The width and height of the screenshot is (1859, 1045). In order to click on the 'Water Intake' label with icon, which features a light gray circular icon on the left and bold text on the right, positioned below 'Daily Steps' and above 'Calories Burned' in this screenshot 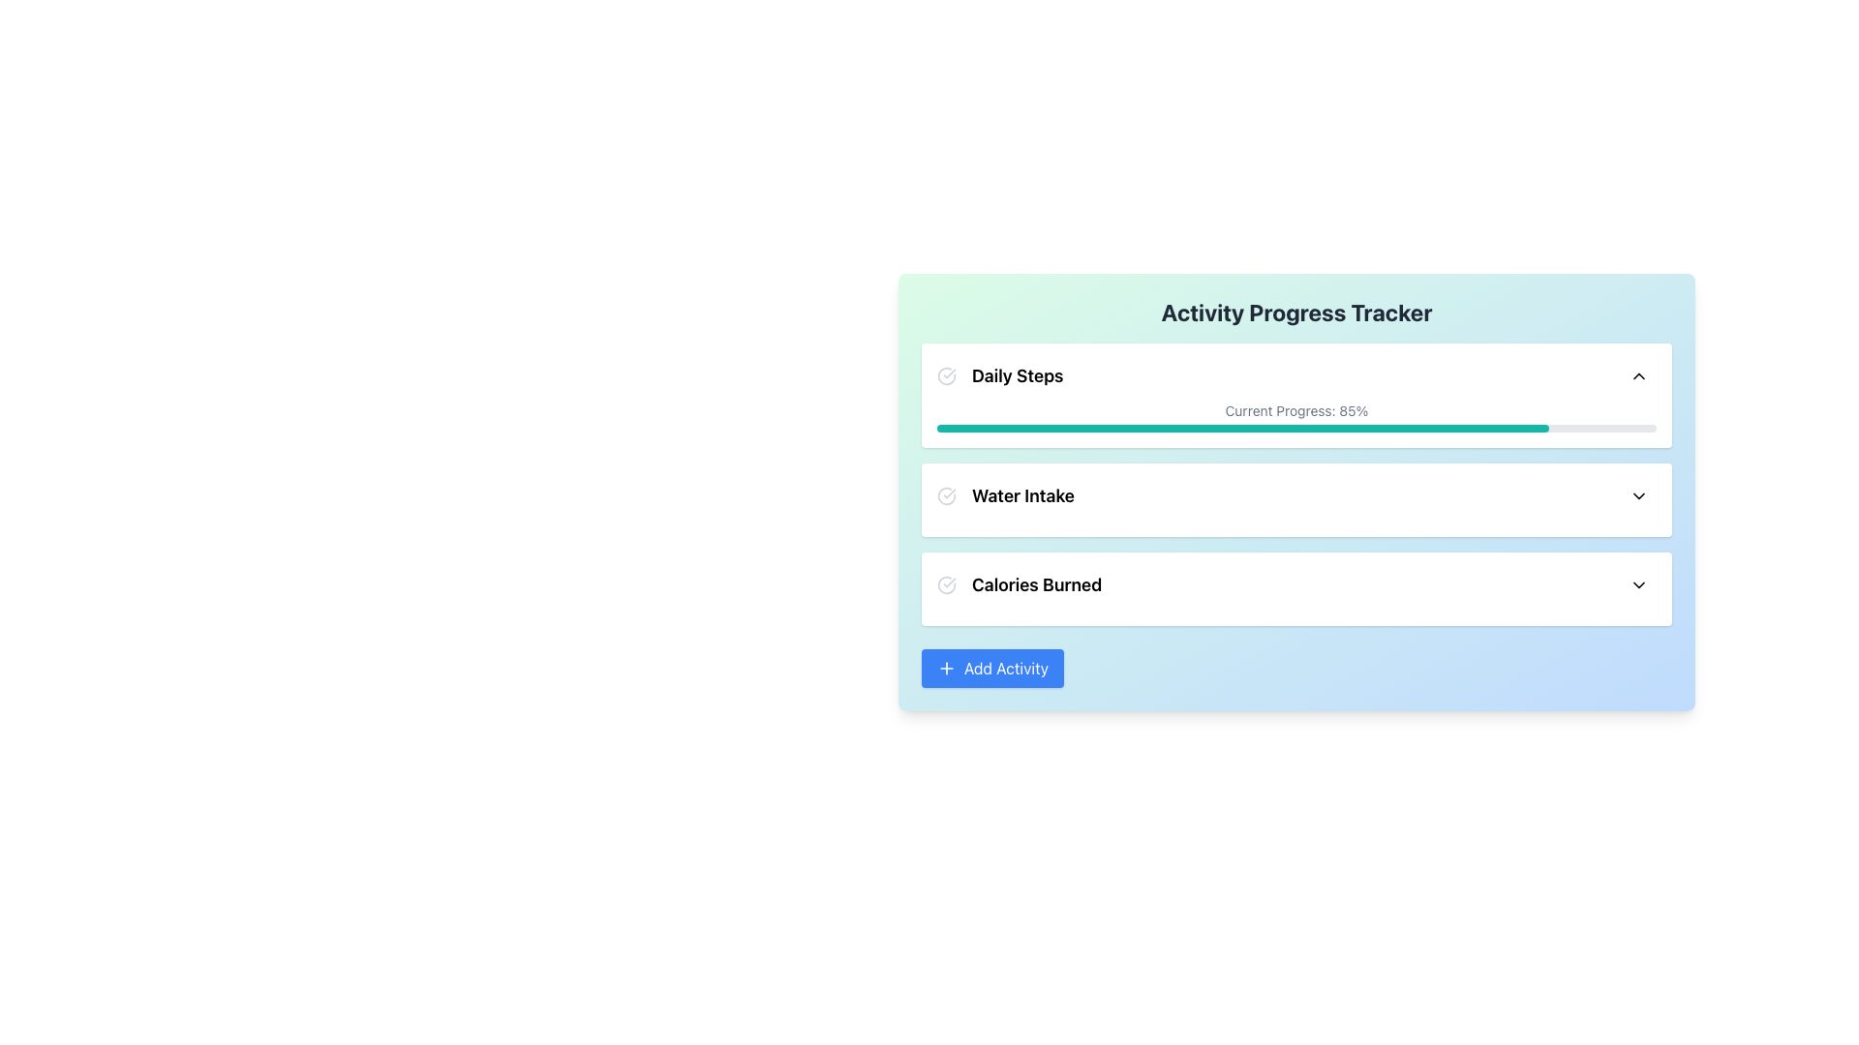, I will do `click(1005, 495)`.